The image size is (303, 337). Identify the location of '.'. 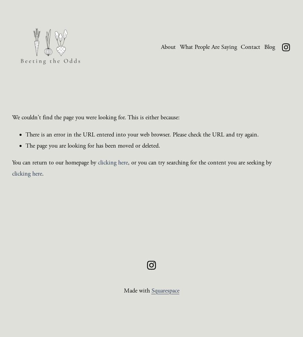
(43, 174).